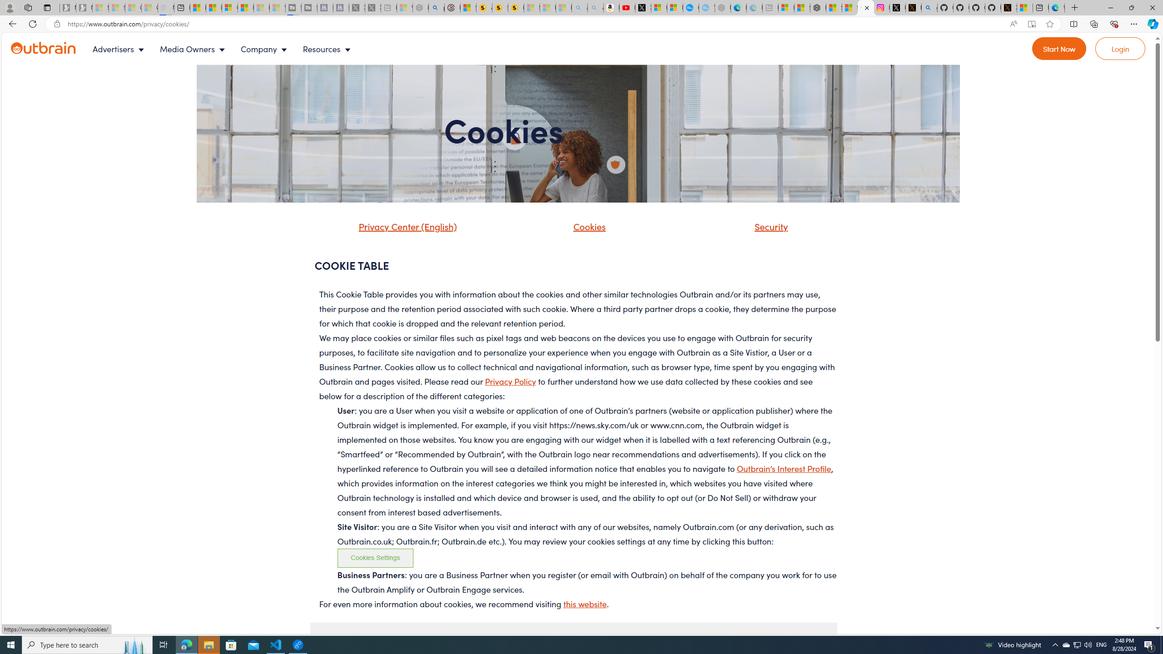 The height and width of the screenshot is (654, 1163). Describe the element at coordinates (328, 49) in the screenshot. I see `'Resources'` at that location.